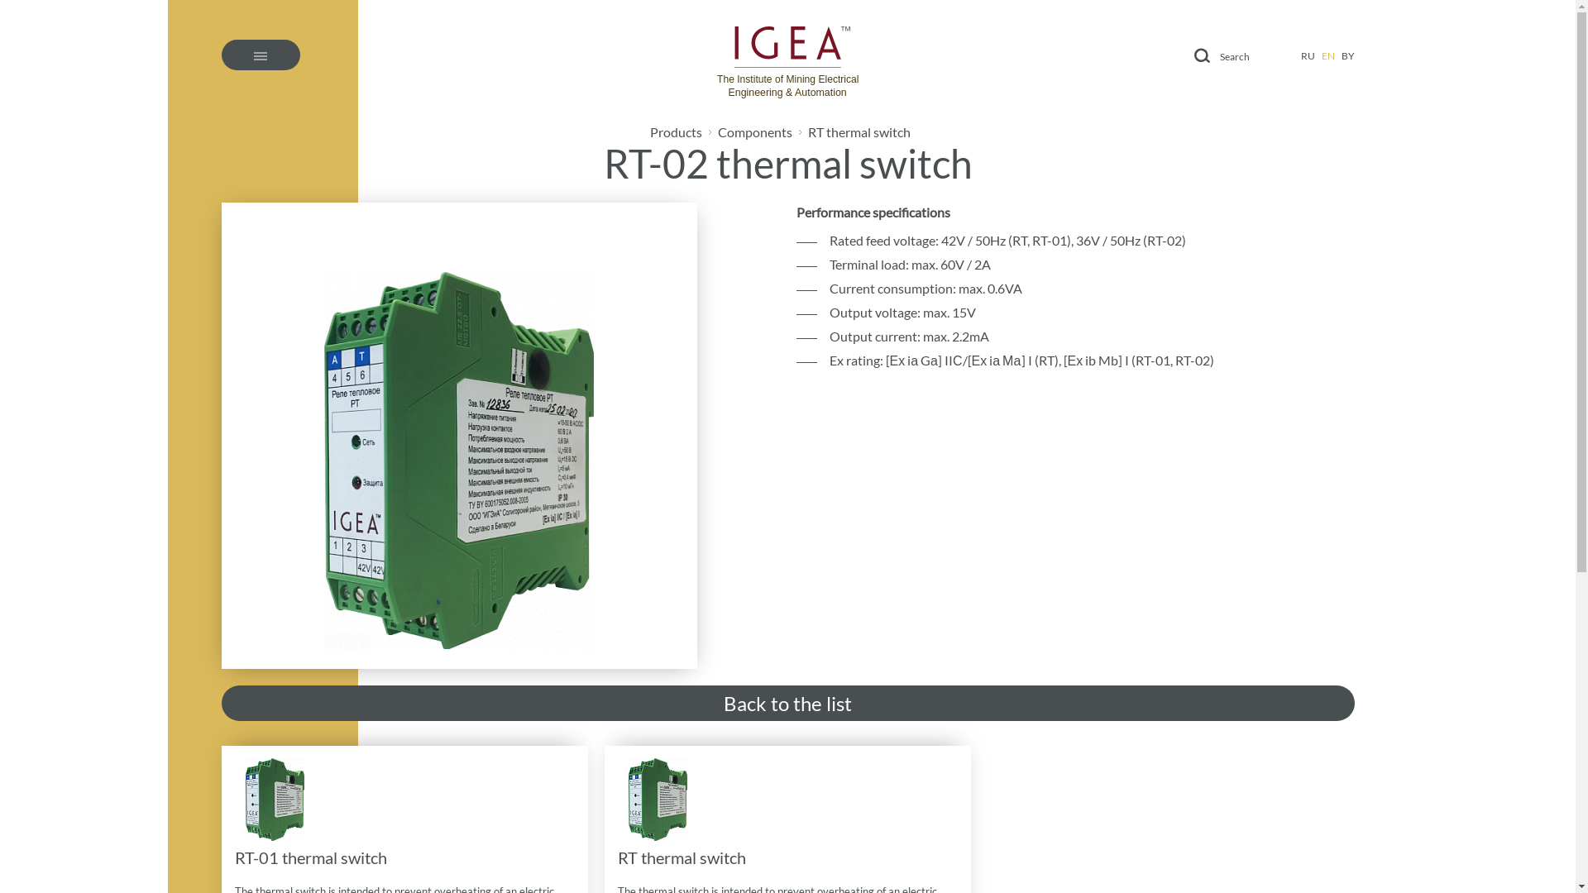 The width and height of the screenshot is (1588, 893). Describe the element at coordinates (718, 131) in the screenshot. I see `'Components'` at that location.